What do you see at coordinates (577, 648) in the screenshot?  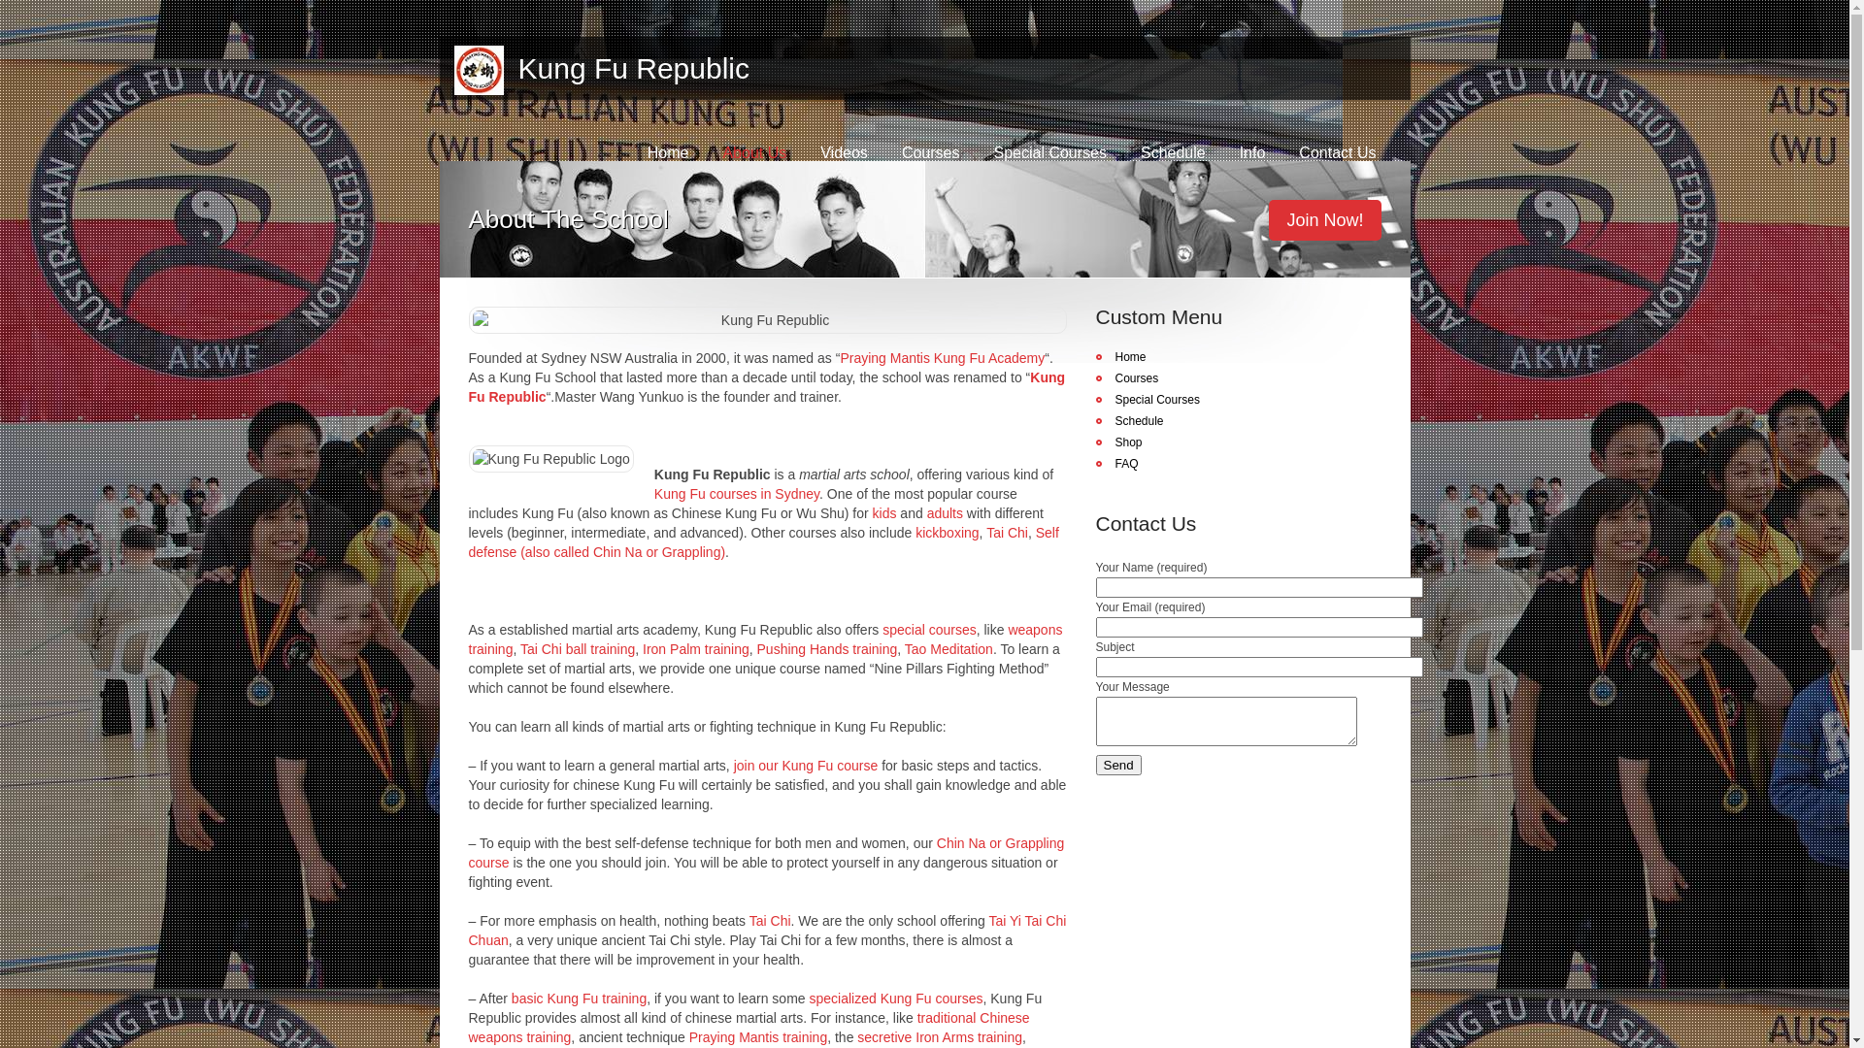 I see `'Tai Chi ball training'` at bounding box center [577, 648].